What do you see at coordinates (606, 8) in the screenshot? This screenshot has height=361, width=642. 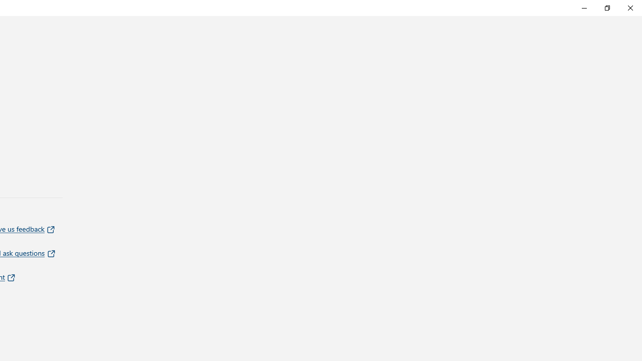 I see `'Restore Feedback Hub'` at bounding box center [606, 8].